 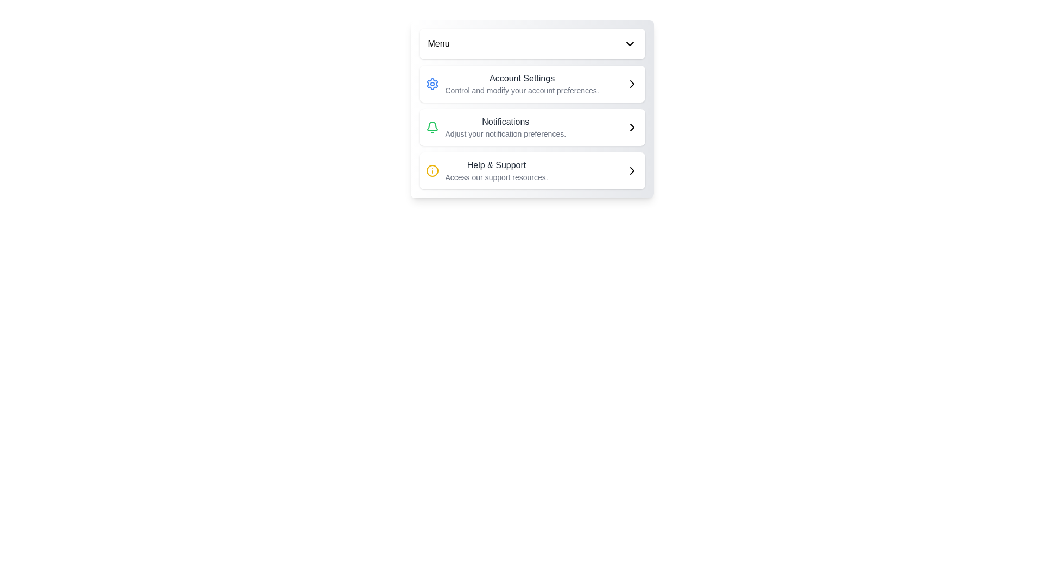 I want to click on the 'Help & Support' text label located at the bottom of the card-like menu in the top-left quadrant of the page, so click(x=496, y=171).